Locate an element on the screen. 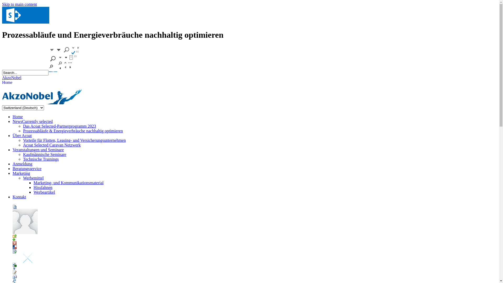 This screenshot has height=283, width=503. 'Anmeldung' is located at coordinates (22, 164).